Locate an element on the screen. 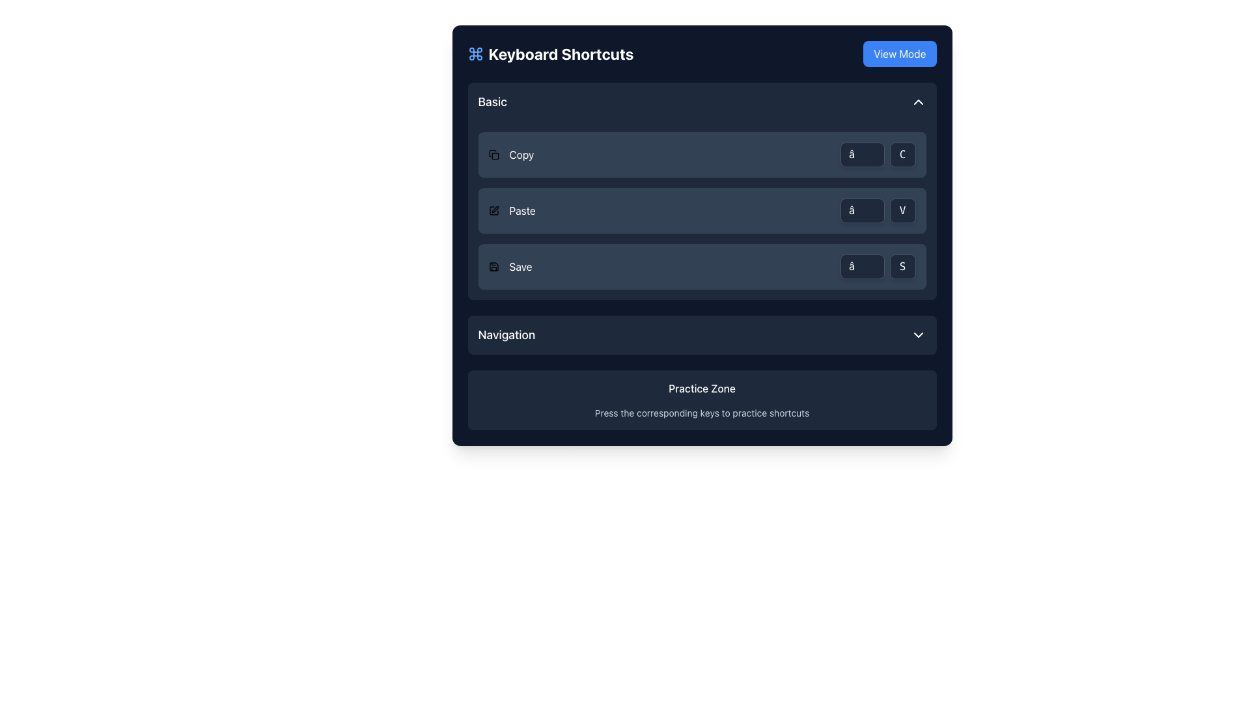 This screenshot has width=1250, height=703. the leftmost button in the 'Copy' section of the 'Keyboard Shortcuts' modal to observe its effect is located at coordinates (862, 154).